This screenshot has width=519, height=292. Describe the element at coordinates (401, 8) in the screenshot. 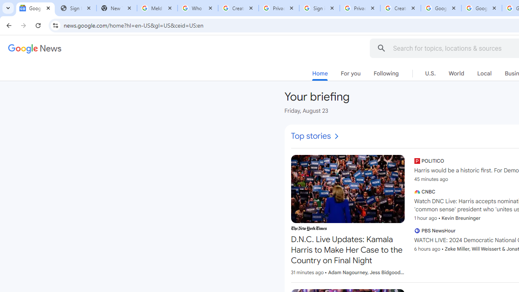

I see `'Create your Google Account'` at that location.